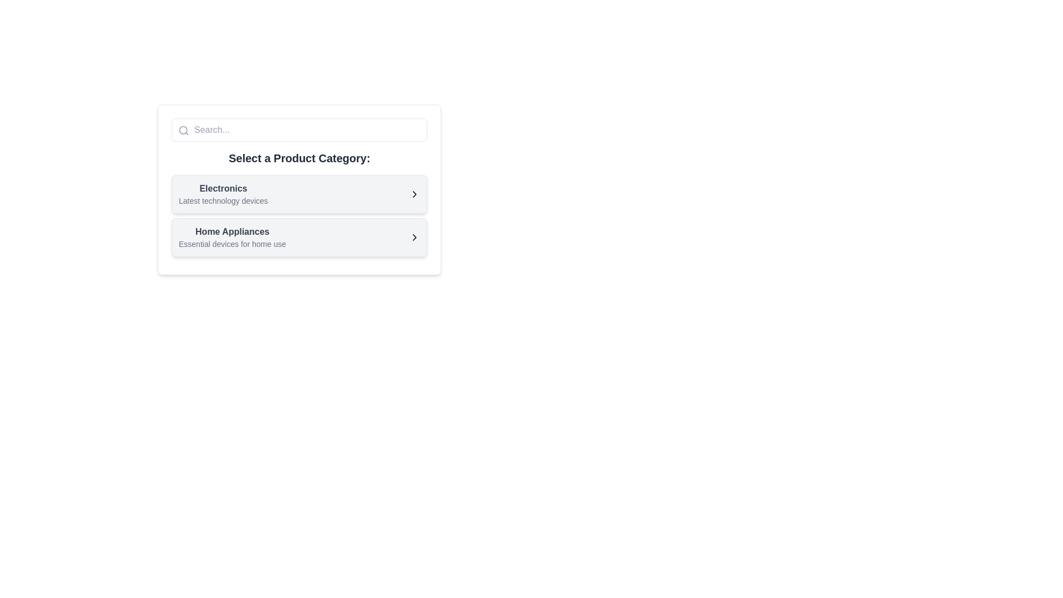  What do you see at coordinates (223, 194) in the screenshot?
I see `the 'Electronics' category label in the first row of the list, which indicates a section related to the latest technology devices` at bounding box center [223, 194].